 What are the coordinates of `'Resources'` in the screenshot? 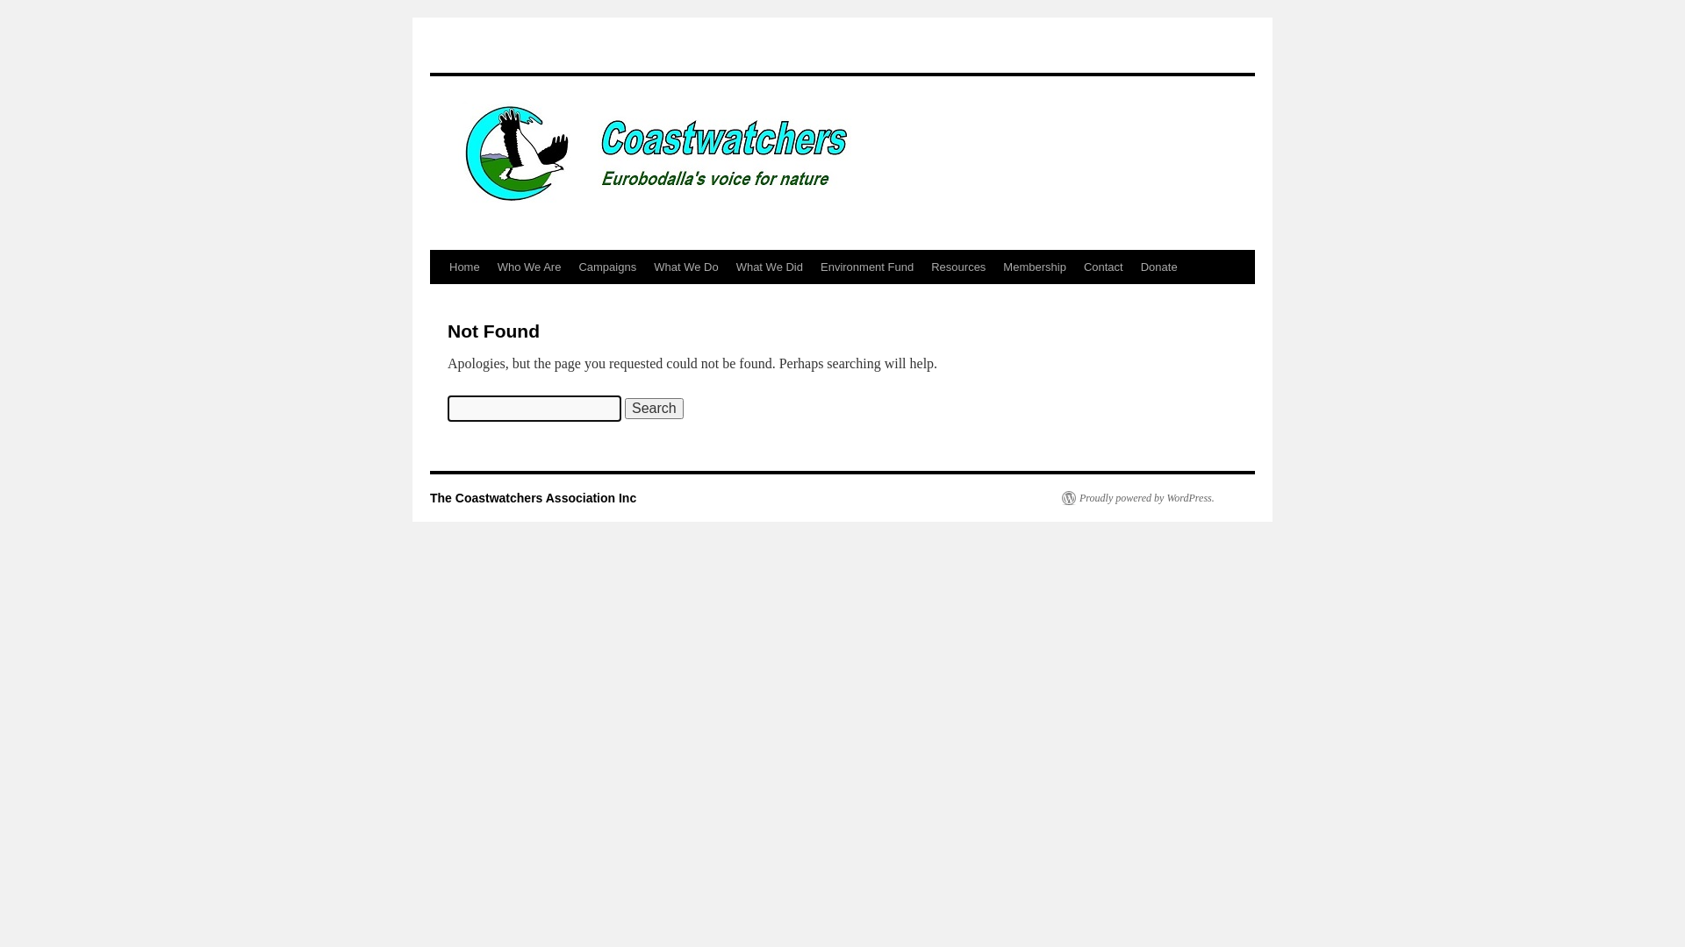 It's located at (957, 267).